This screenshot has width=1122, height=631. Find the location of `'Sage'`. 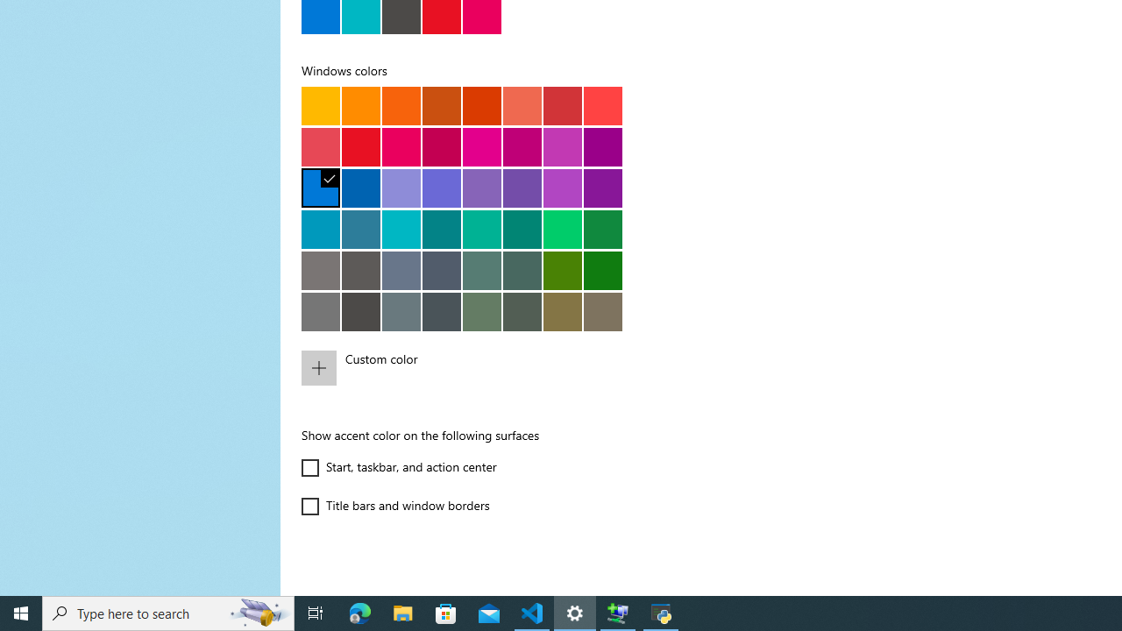

'Sage' is located at coordinates (521, 310).